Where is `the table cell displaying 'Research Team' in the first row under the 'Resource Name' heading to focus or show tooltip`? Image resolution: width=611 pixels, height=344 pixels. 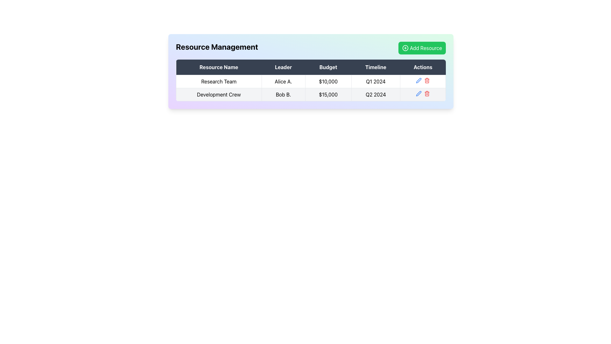
the table cell displaying 'Research Team' in the first row under the 'Resource Name' heading to focus or show tooltip is located at coordinates (219, 81).